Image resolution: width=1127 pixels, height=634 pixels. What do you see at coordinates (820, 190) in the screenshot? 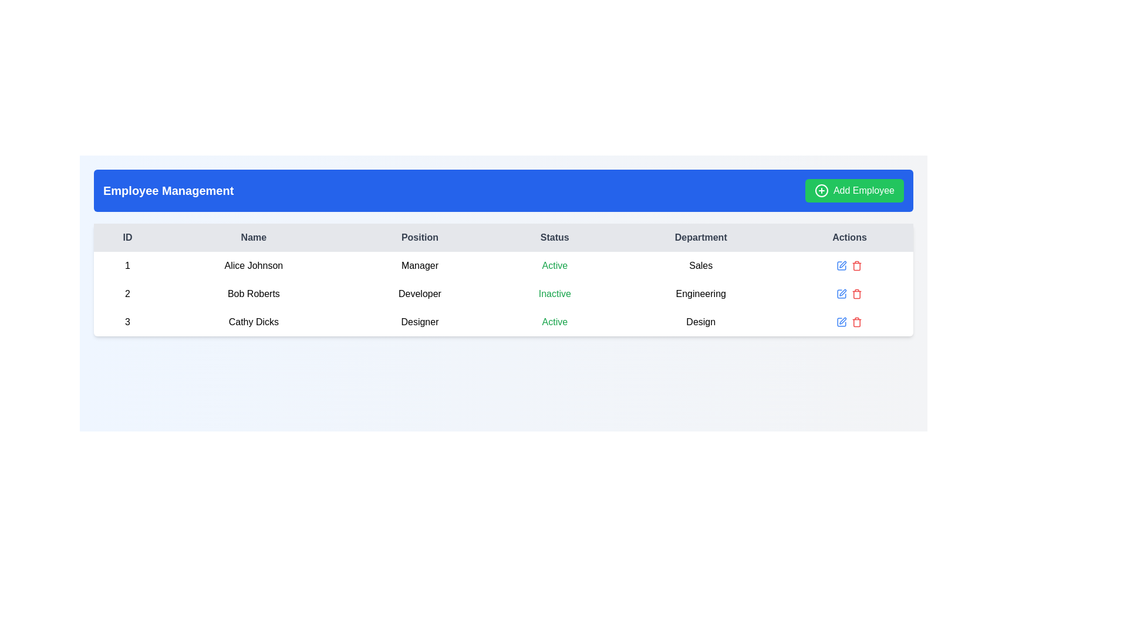
I see `the 'Add Employee' icon located at the top-right corner of the layout, which visually represents the action` at bounding box center [820, 190].